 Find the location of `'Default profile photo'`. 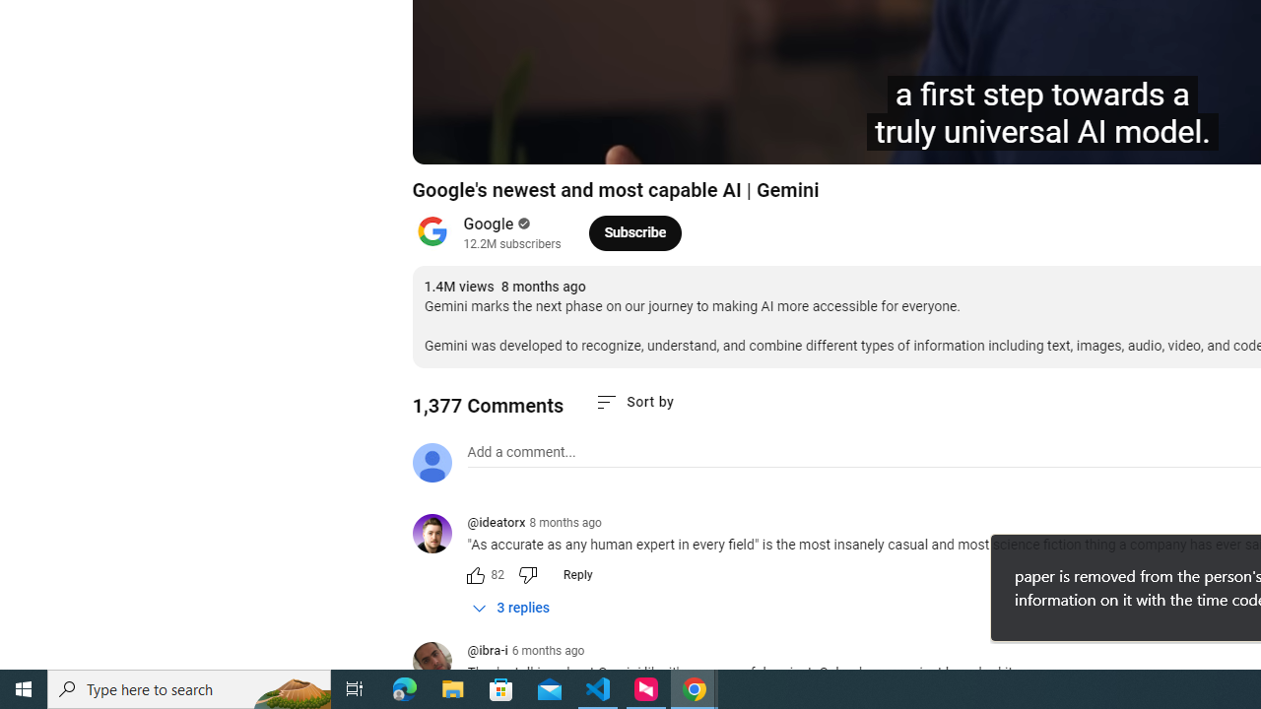

'Default profile photo' is located at coordinates (431, 463).